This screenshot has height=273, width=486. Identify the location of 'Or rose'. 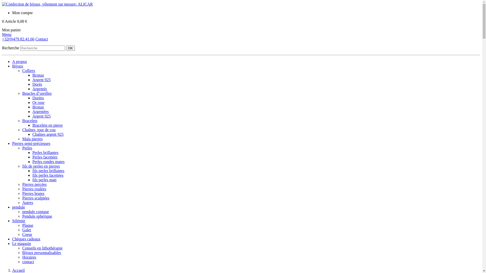
(32, 102).